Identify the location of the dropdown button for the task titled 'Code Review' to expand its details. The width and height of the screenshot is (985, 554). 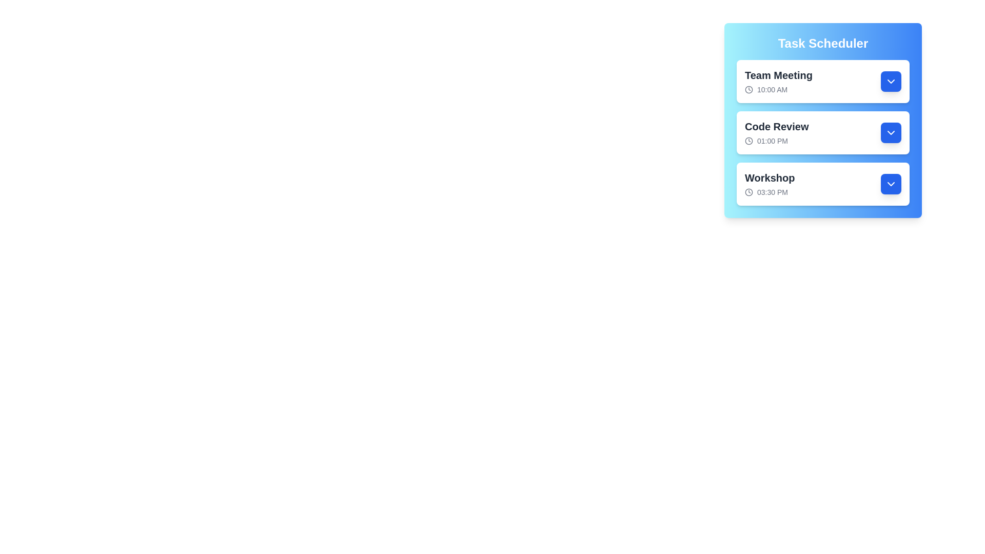
(891, 132).